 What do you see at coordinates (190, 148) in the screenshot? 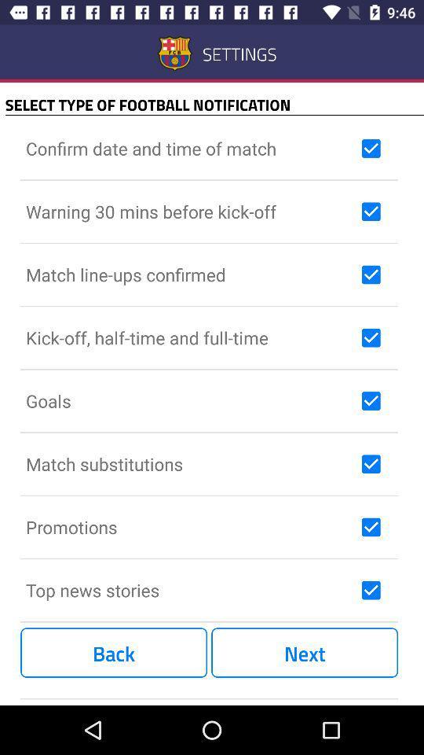
I see `the item below the select type of icon` at bounding box center [190, 148].